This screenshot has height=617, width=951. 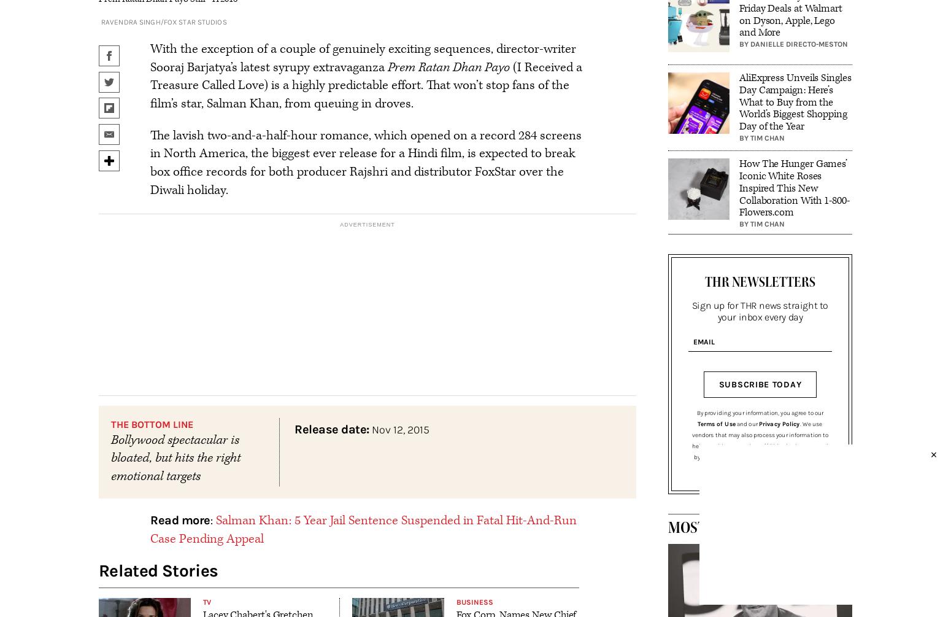 What do you see at coordinates (720, 527) in the screenshot?
I see `'Most Popular'` at bounding box center [720, 527].